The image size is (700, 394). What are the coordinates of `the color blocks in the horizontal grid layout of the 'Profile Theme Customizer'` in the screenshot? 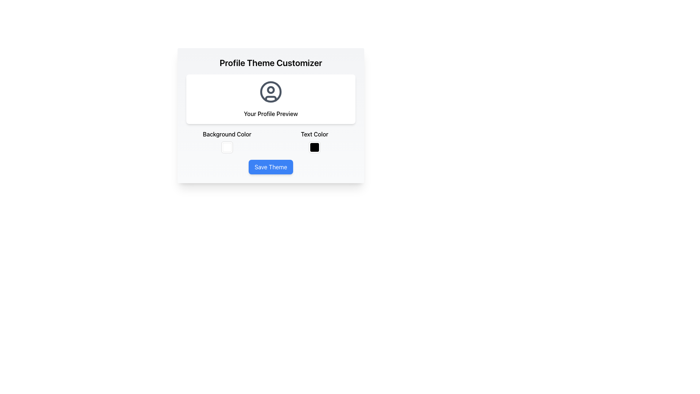 It's located at (271, 142).